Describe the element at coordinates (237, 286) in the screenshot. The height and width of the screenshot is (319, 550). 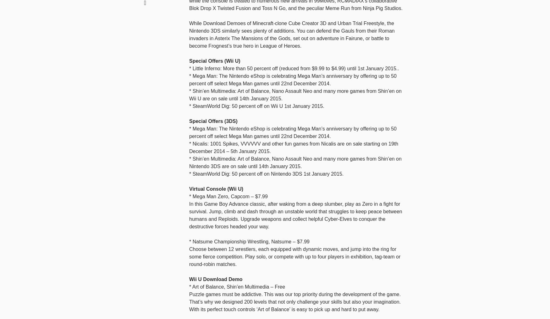
I see `'* Art of Balance, Shin’en Multimedia – Free'` at that location.